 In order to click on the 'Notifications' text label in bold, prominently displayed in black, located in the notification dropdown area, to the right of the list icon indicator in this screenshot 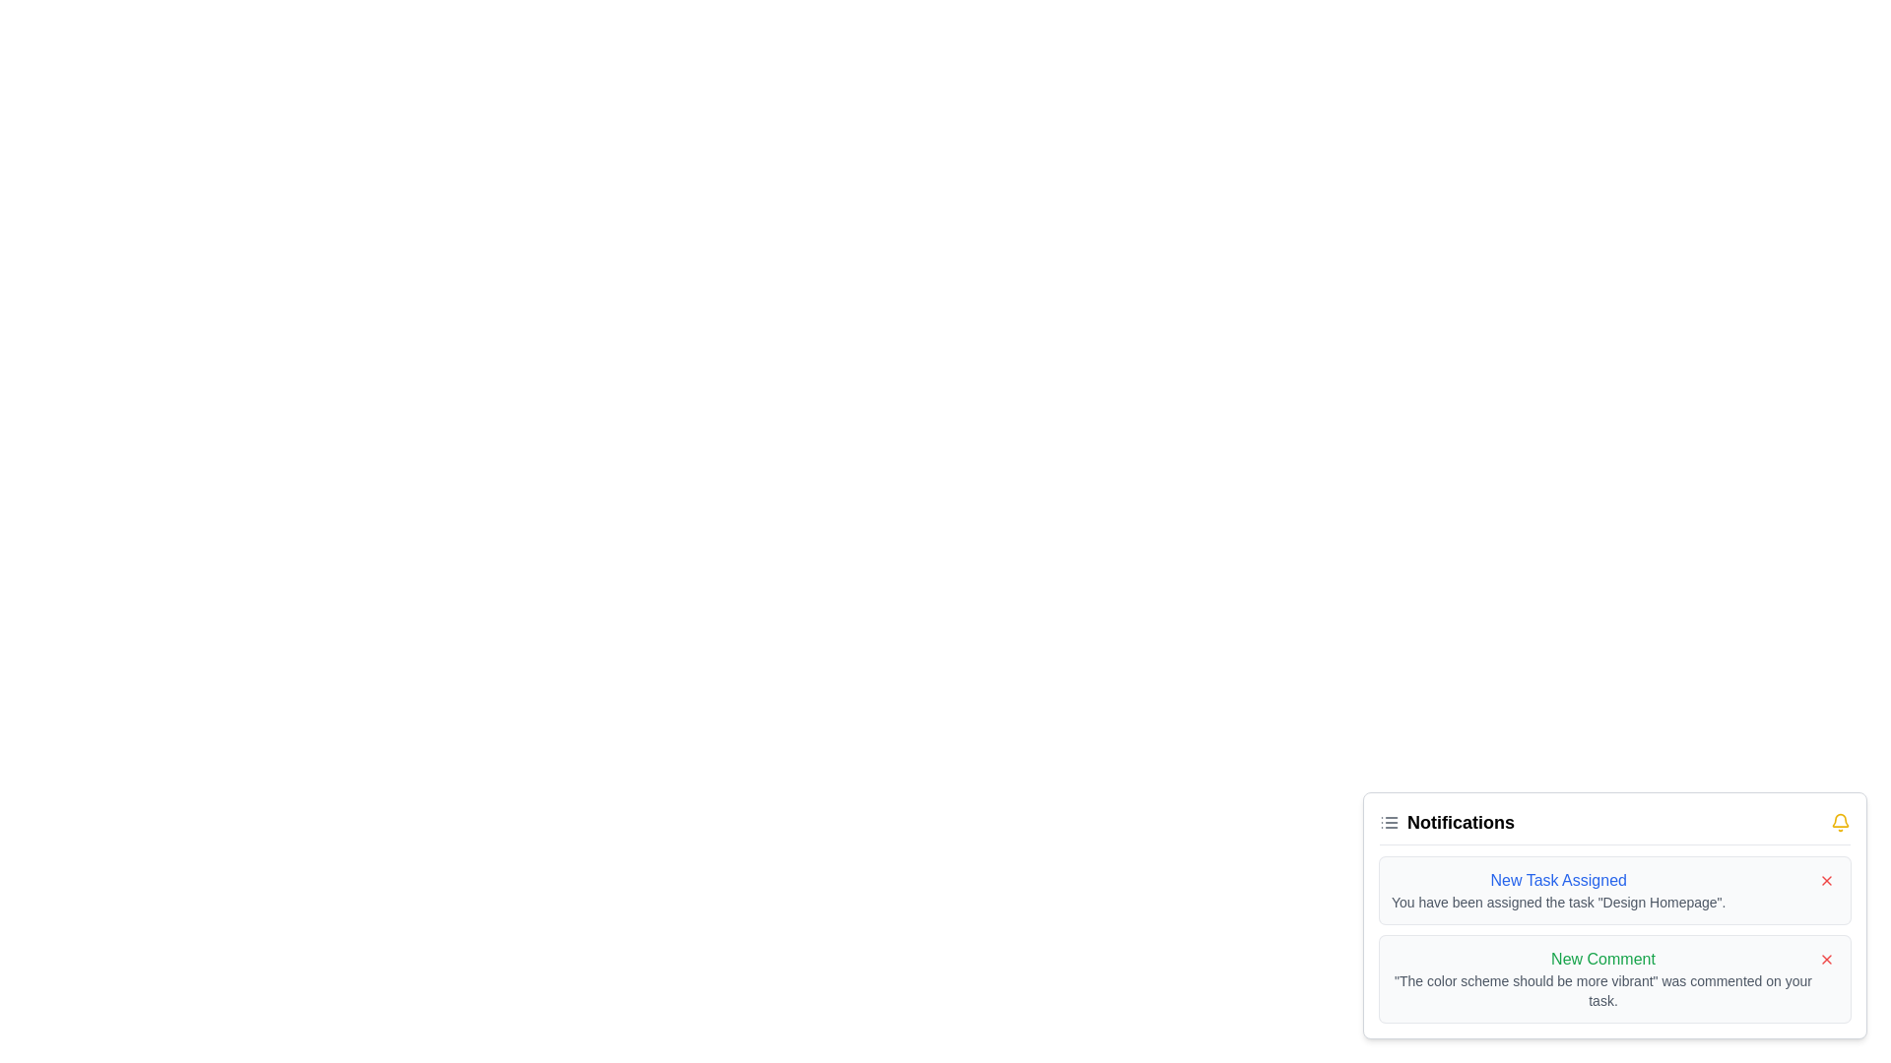, I will do `click(1461, 823)`.